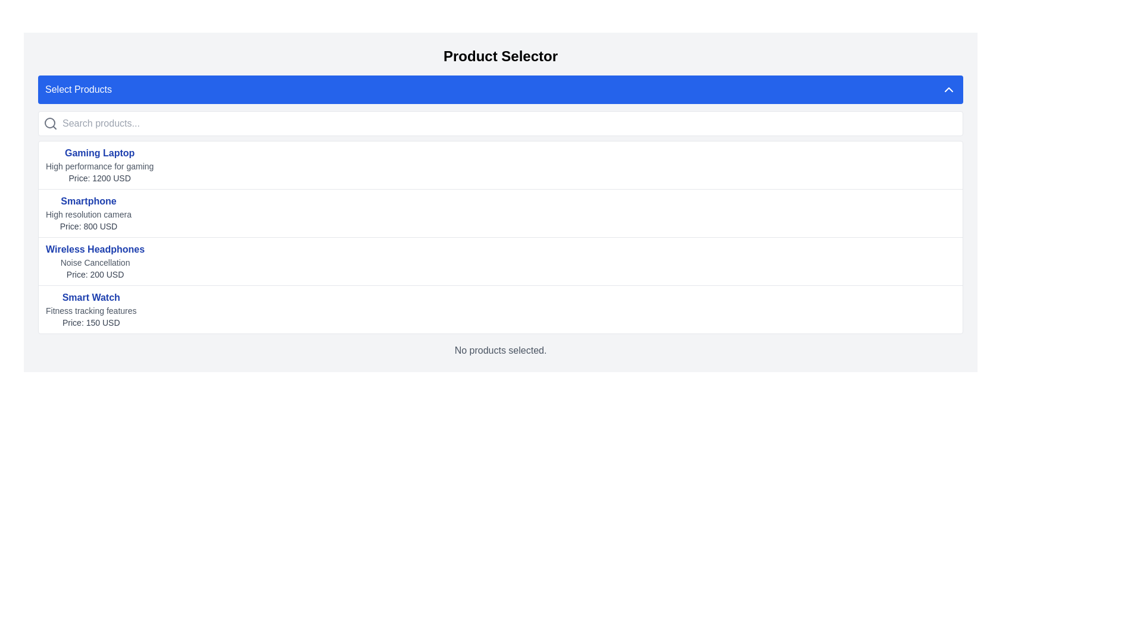 The image size is (1143, 642). Describe the element at coordinates (500, 260) in the screenshot. I see `the third item` at that location.